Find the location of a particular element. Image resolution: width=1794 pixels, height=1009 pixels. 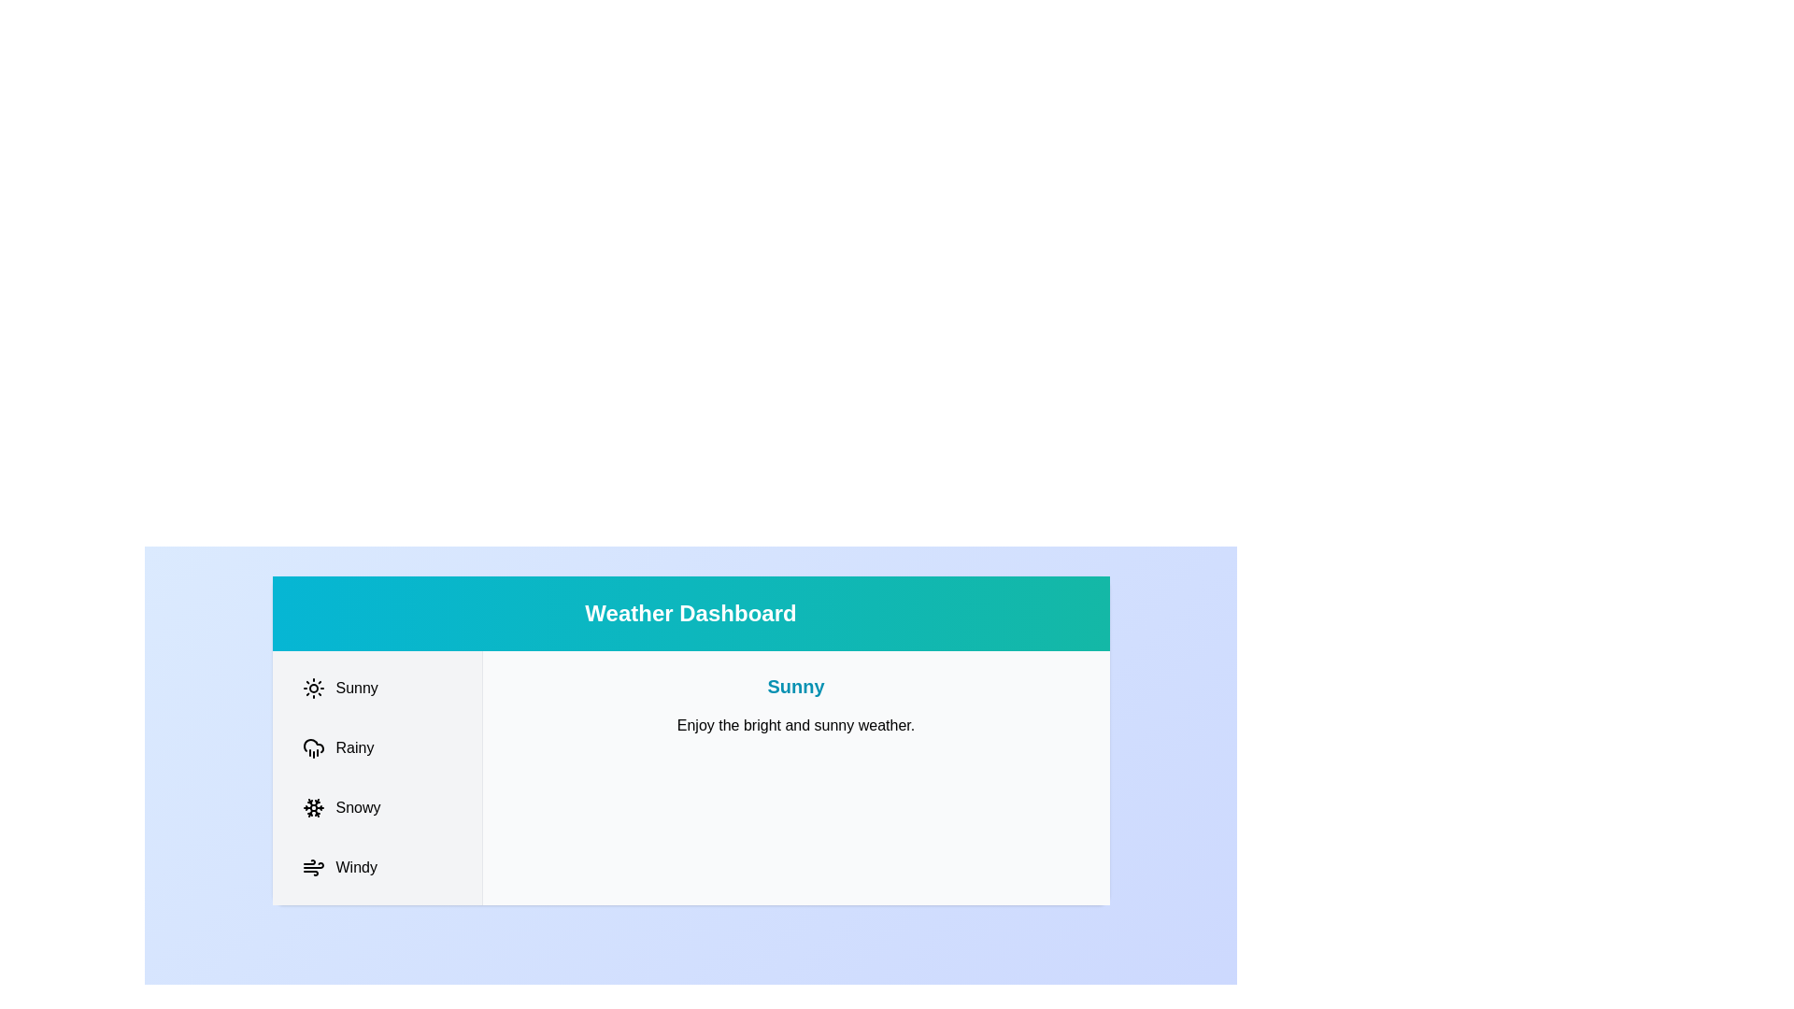

the tab labeled Rainy to observe its hover effect is located at coordinates (376, 747).